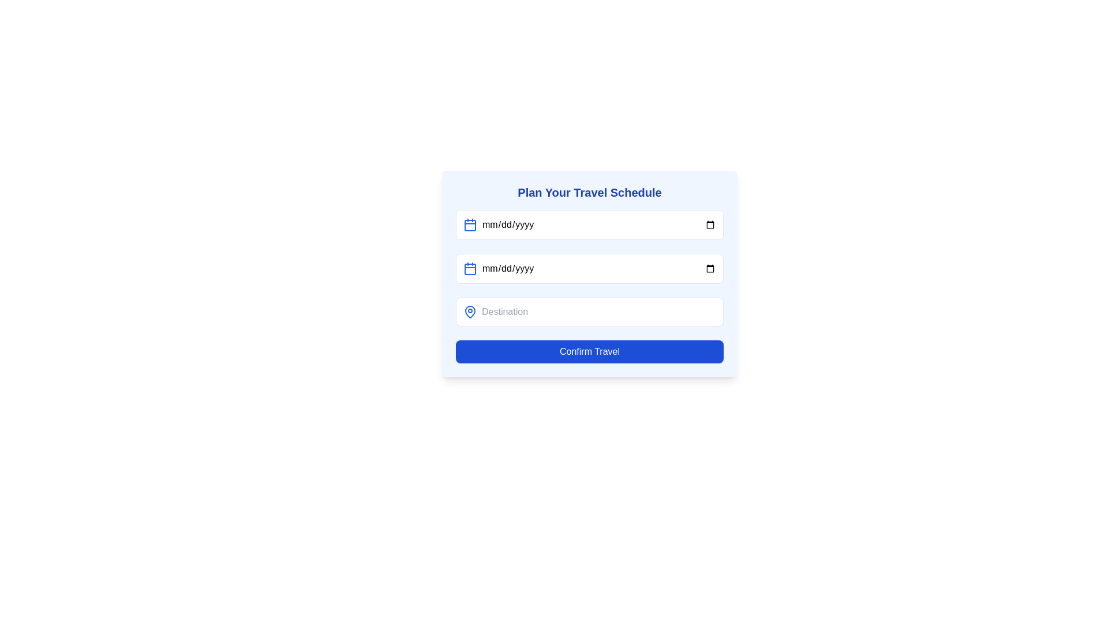 Image resolution: width=1108 pixels, height=623 pixels. Describe the element at coordinates (470, 311) in the screenshot. I see `the SVG Icon located to the left of the placeholder text in the 'Destination' input field` at that location.